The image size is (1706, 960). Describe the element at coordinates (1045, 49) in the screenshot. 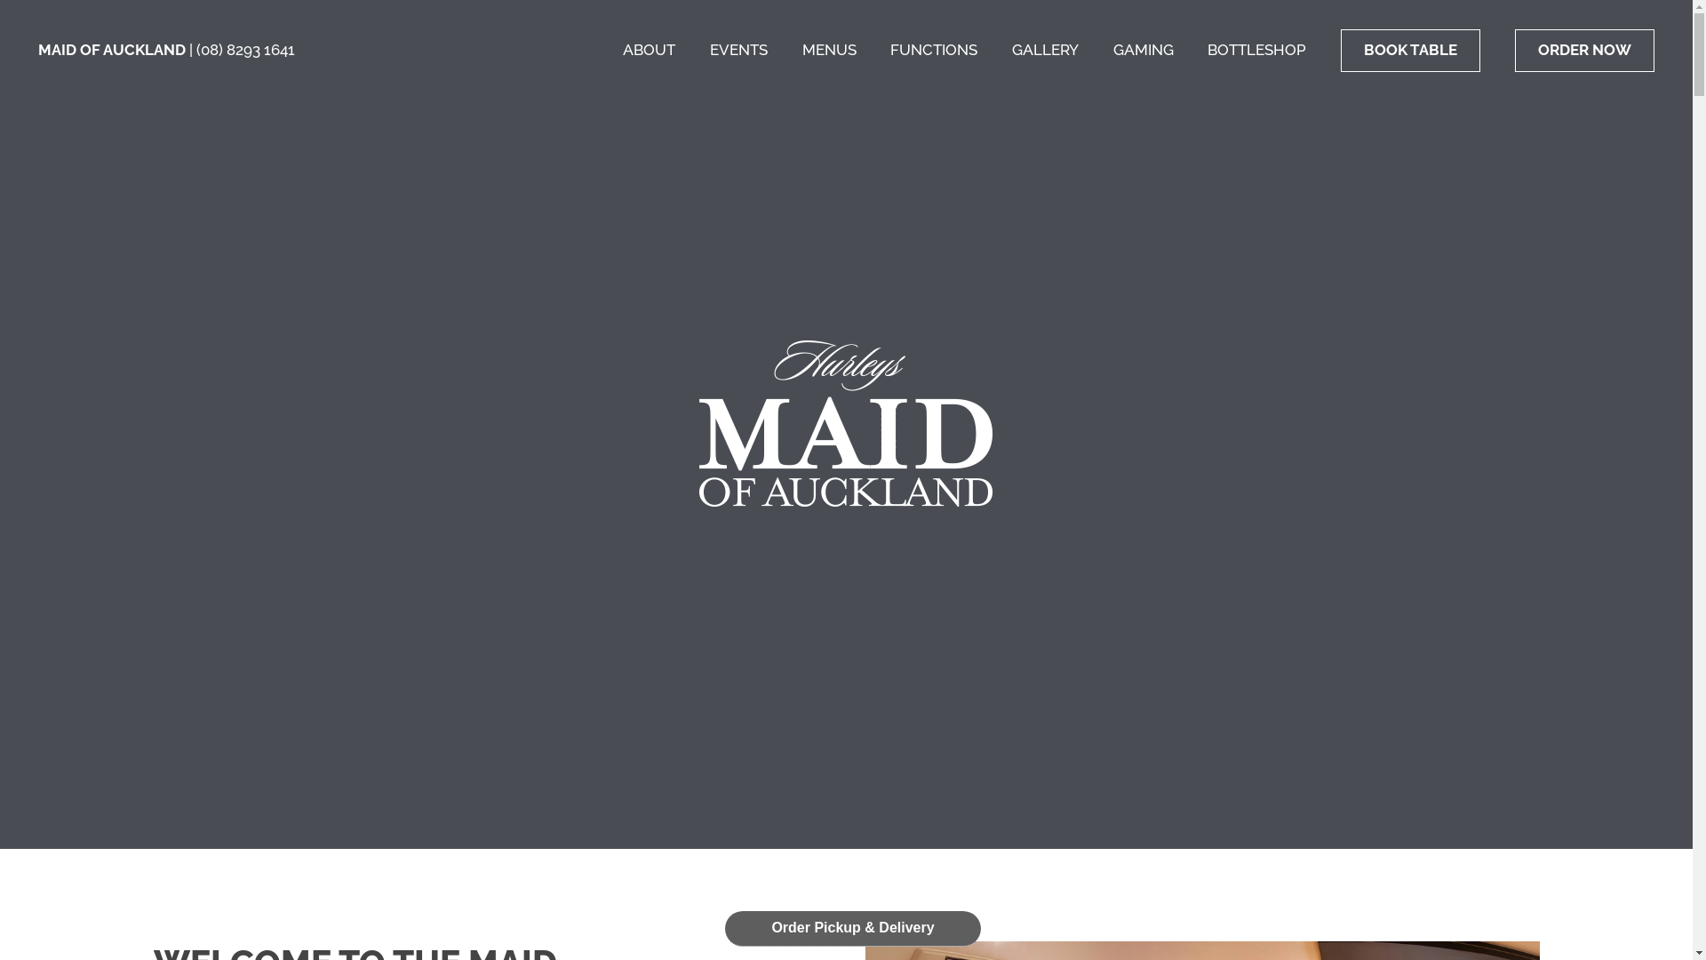

I see `'GALLERY'` at that location.